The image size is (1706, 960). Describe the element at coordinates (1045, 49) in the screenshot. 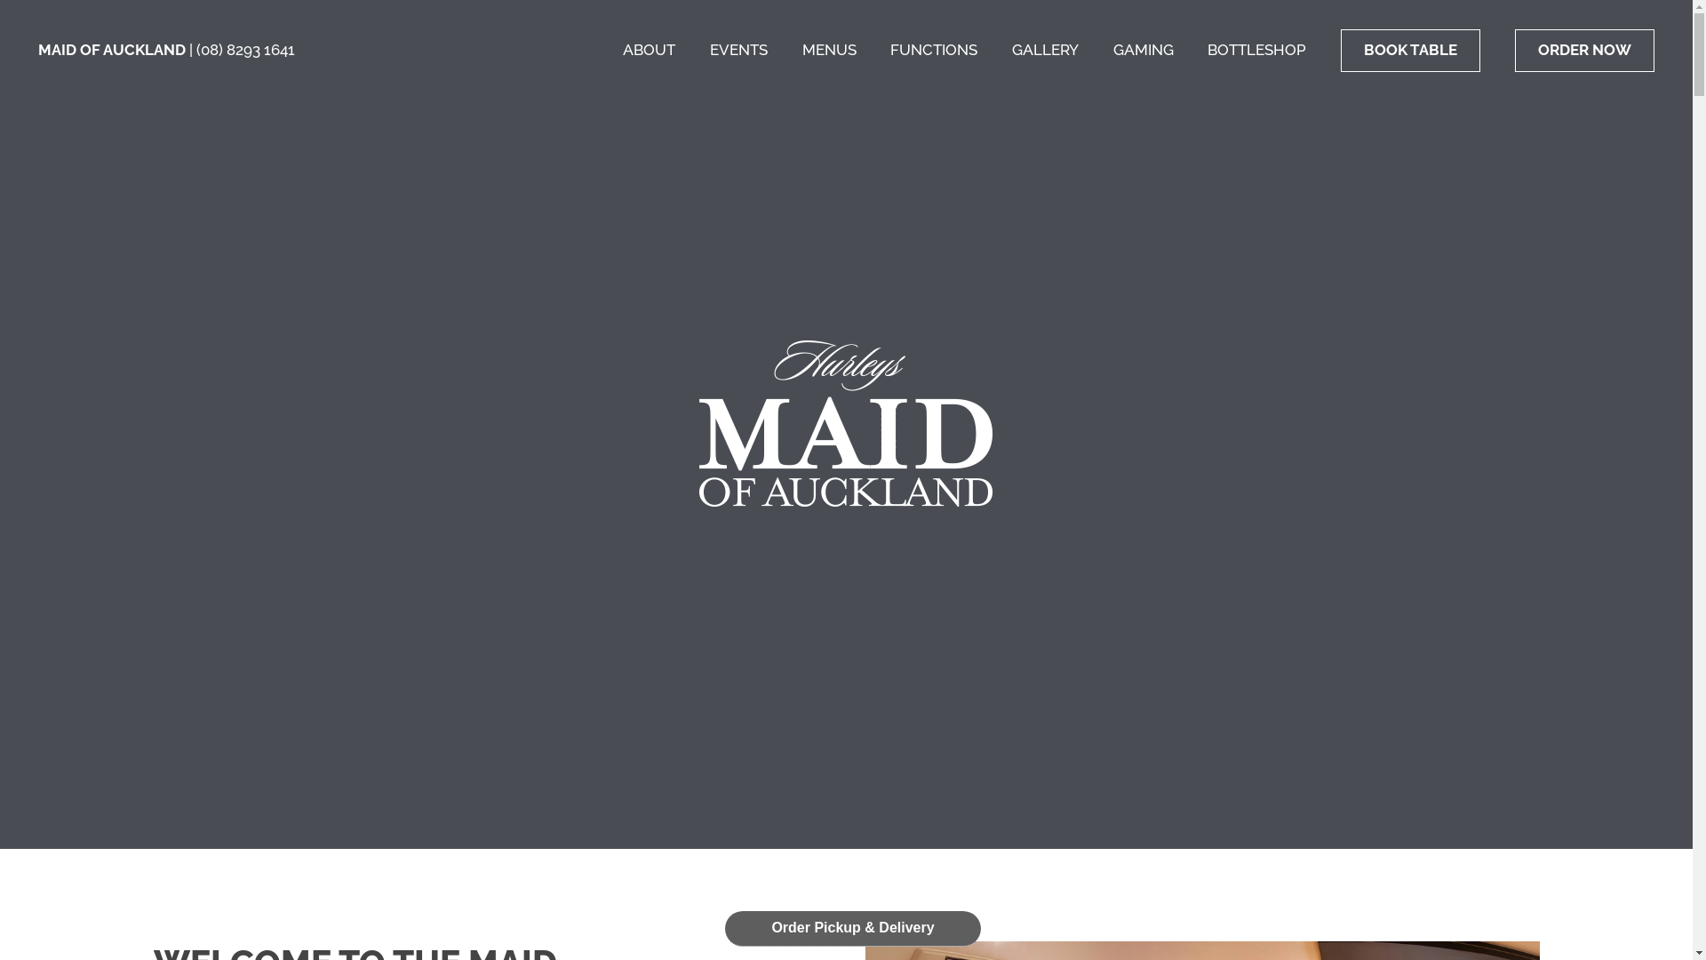

I see `'GALLERY'` at that location.